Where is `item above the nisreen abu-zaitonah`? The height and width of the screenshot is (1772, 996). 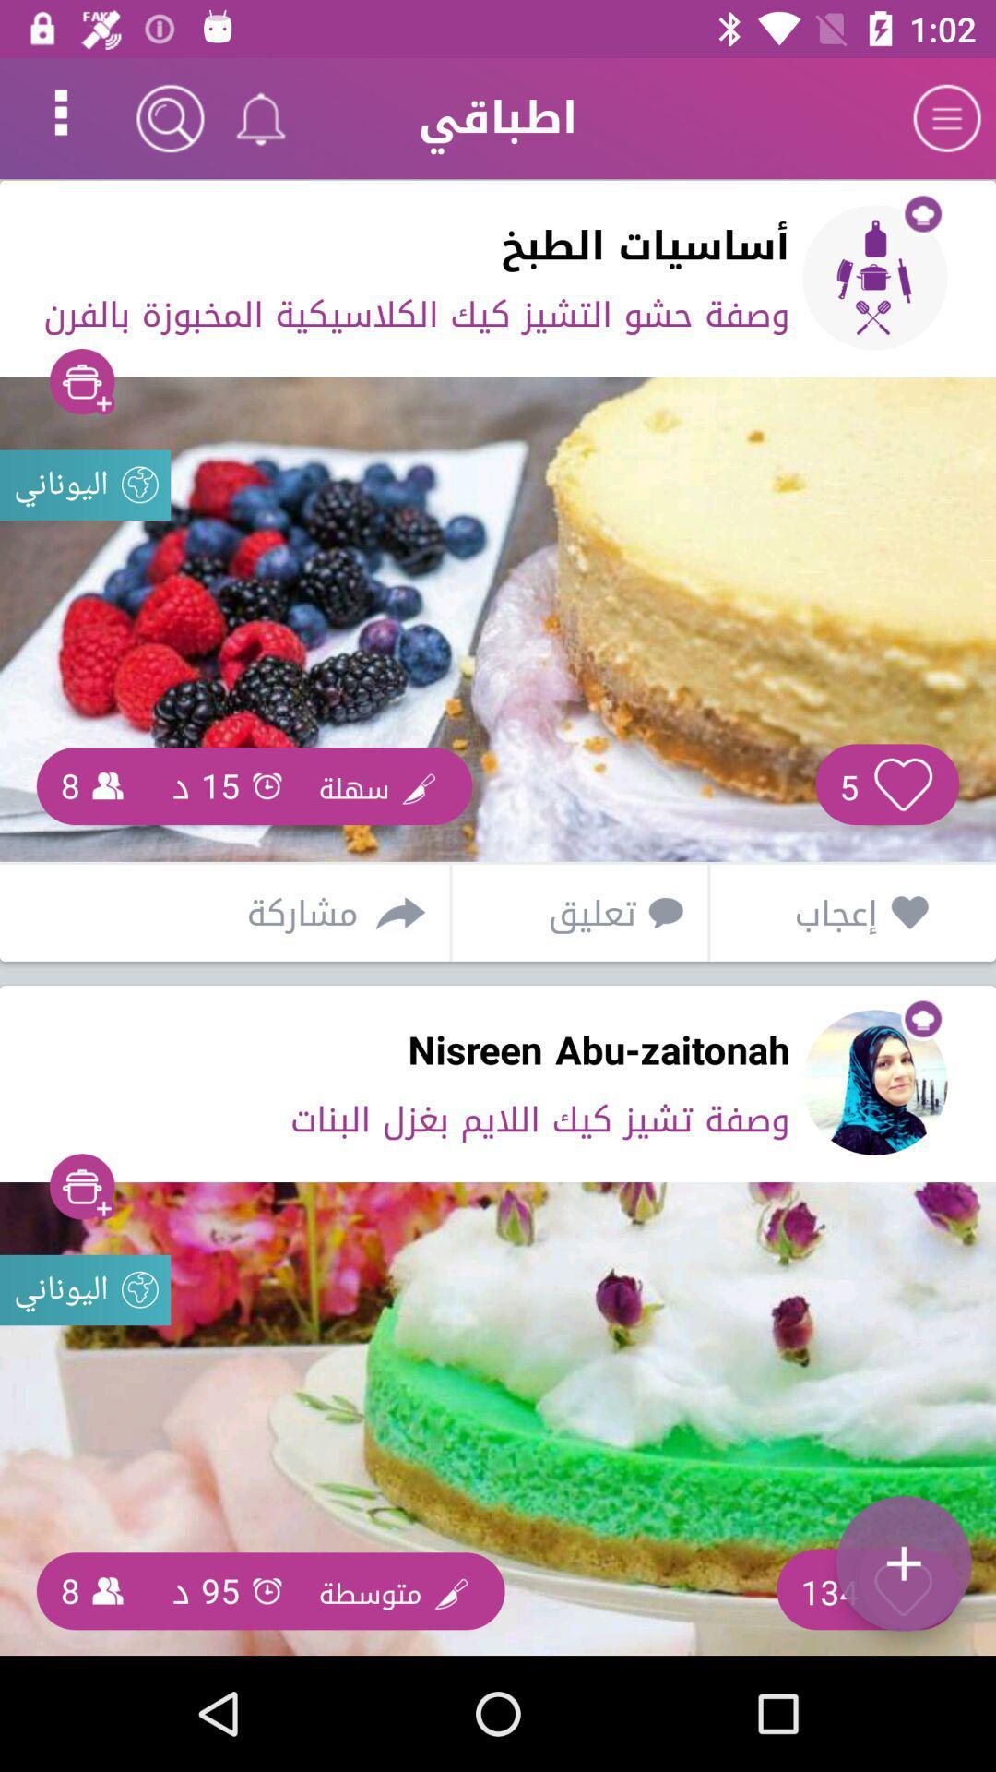
item above the nisreen abu-zaitonah is located at coordinates (573, 913).